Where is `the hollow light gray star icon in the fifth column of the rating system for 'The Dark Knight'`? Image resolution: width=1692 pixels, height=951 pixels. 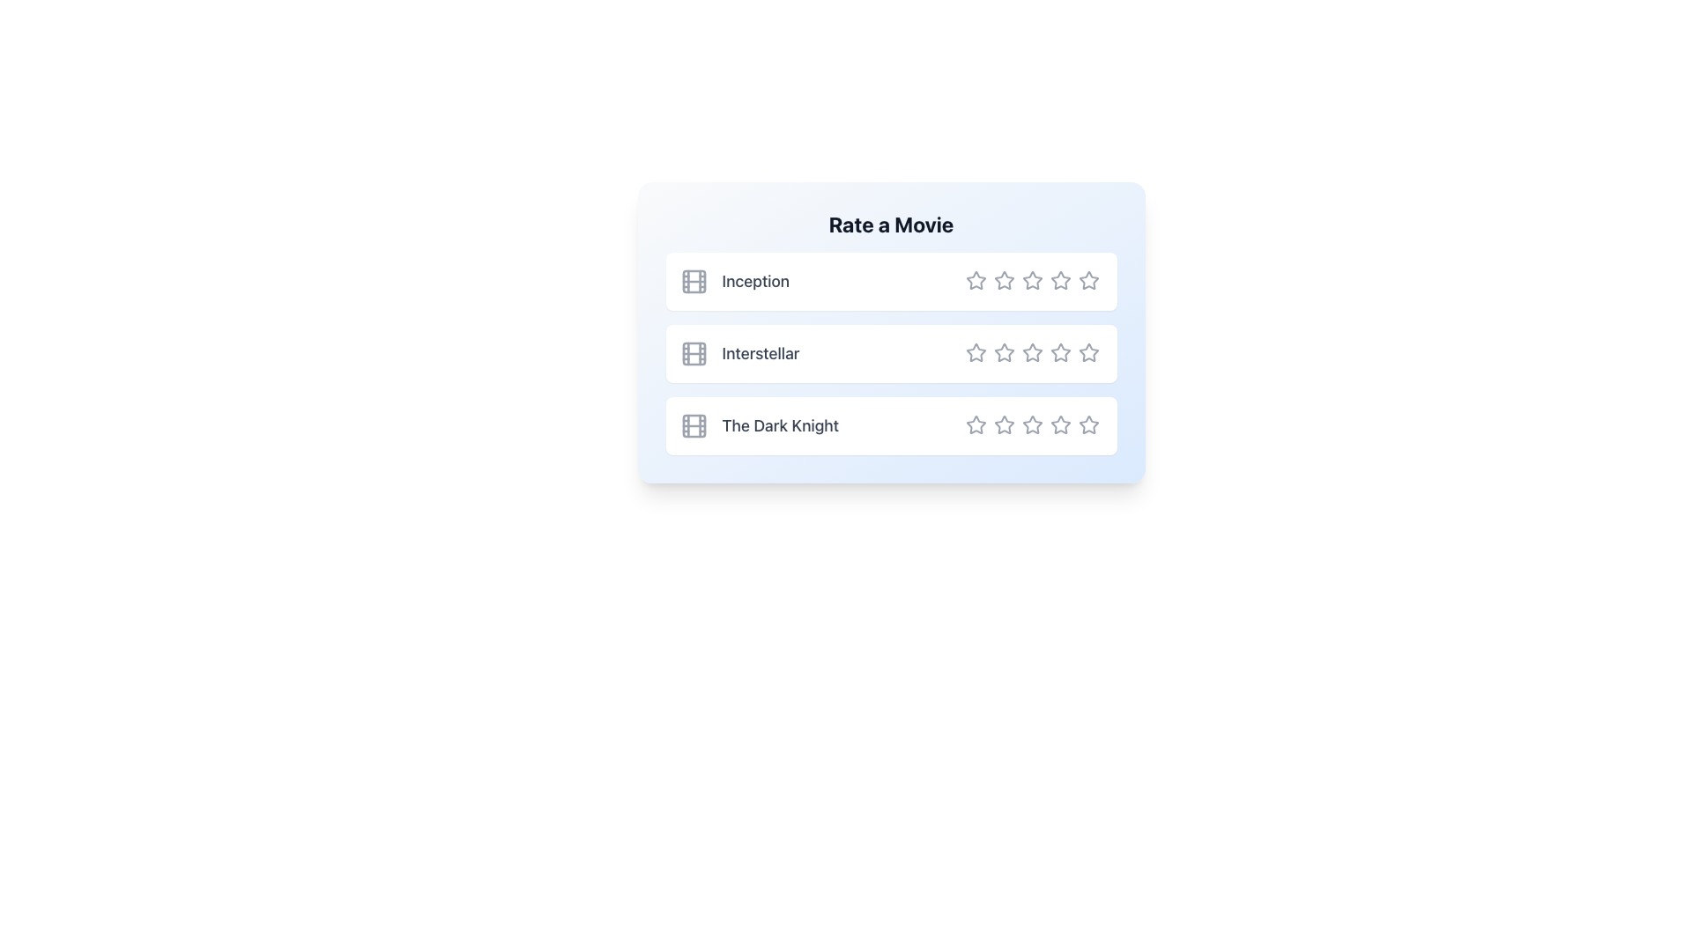 the hollow light gray star icon in the fifth column of the rating system for 'The Dark Knight' is located at coordinates (1059, 424).